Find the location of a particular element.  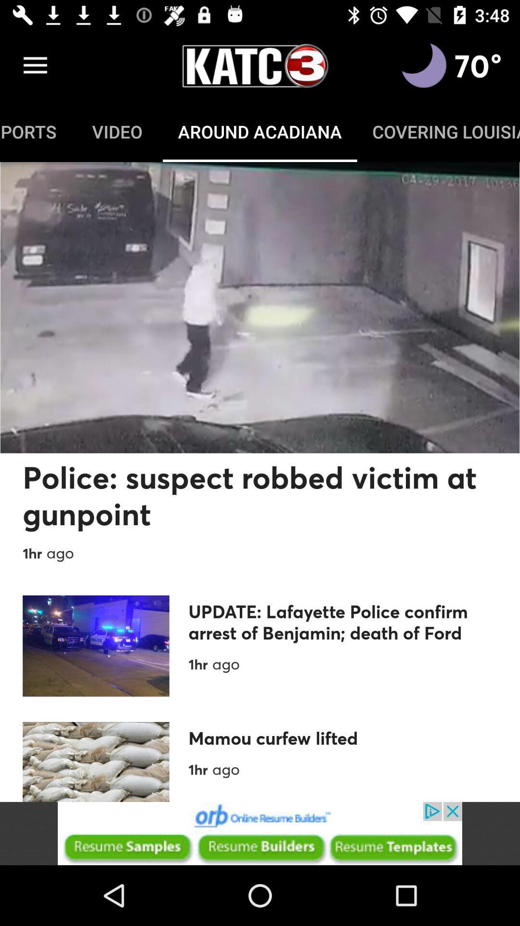

the image beside mamou curfew lifted is located at coordinates (96, 761).